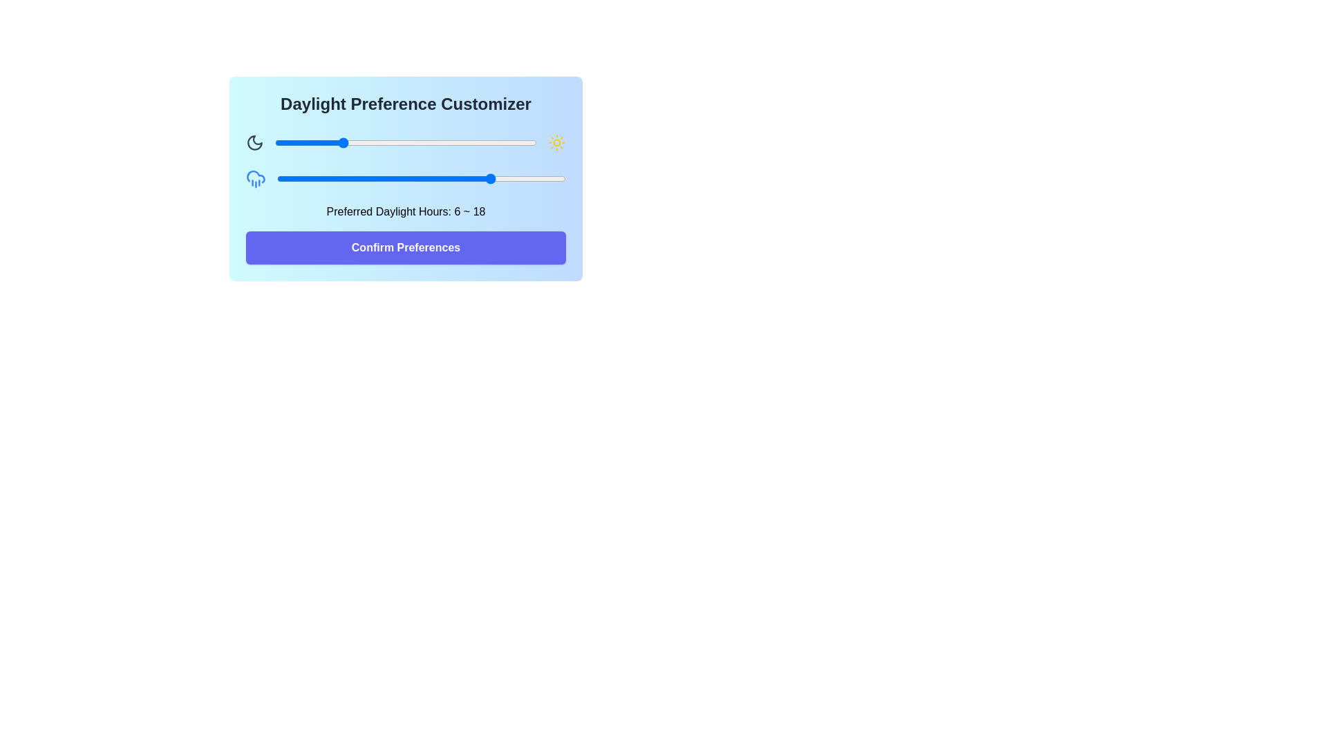 The width and height of the screenshot is (1327, 746). Describe the element at coordinates (255, 143) in the screenshot. I see `the crescent moon icon representing night or dark theme, located in the top-left area of the card containing the 'Daylight Preference Customizer'` at that location.